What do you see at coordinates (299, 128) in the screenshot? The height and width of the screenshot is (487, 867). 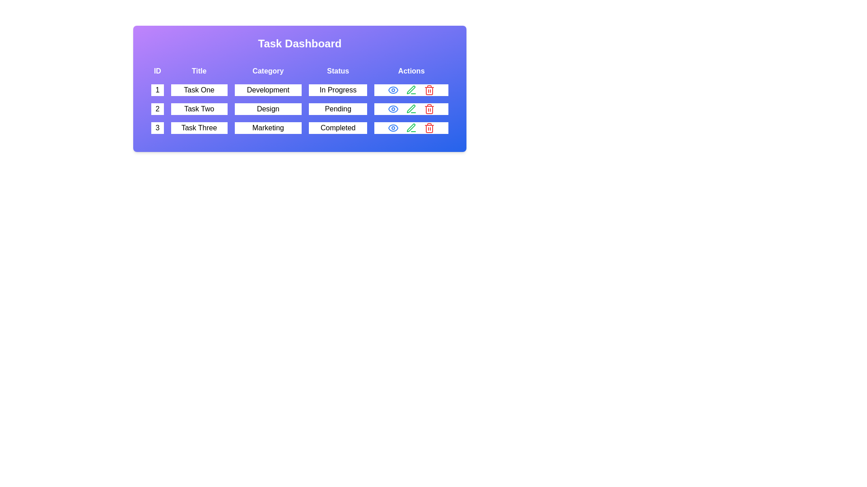 I see `the row corresponding to 3` at bounding box center [299, 128].